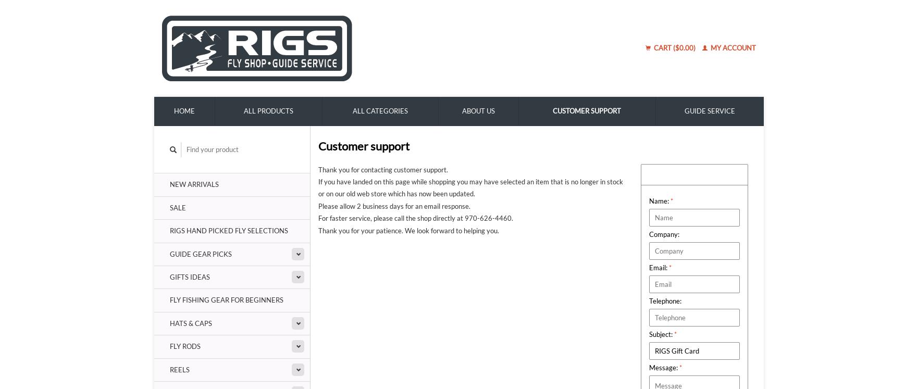 The image size is (918, 389). What do you see at coordinates (649, 367) in the screenshot?
I see `'Message:'` at bounding box center [649, 367].